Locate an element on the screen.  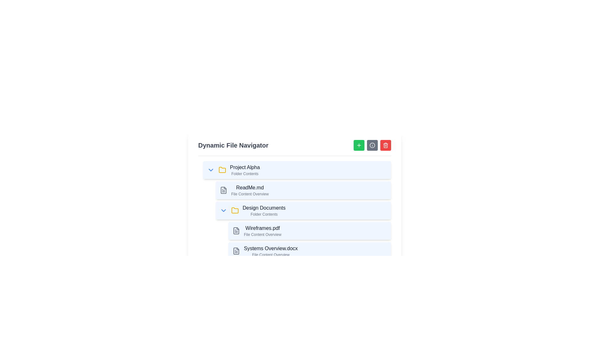
the gray document icon representing a text file, located to the left of the label 'ReadMe.md' within the file navigator interface is located at coordinates (224, 190).